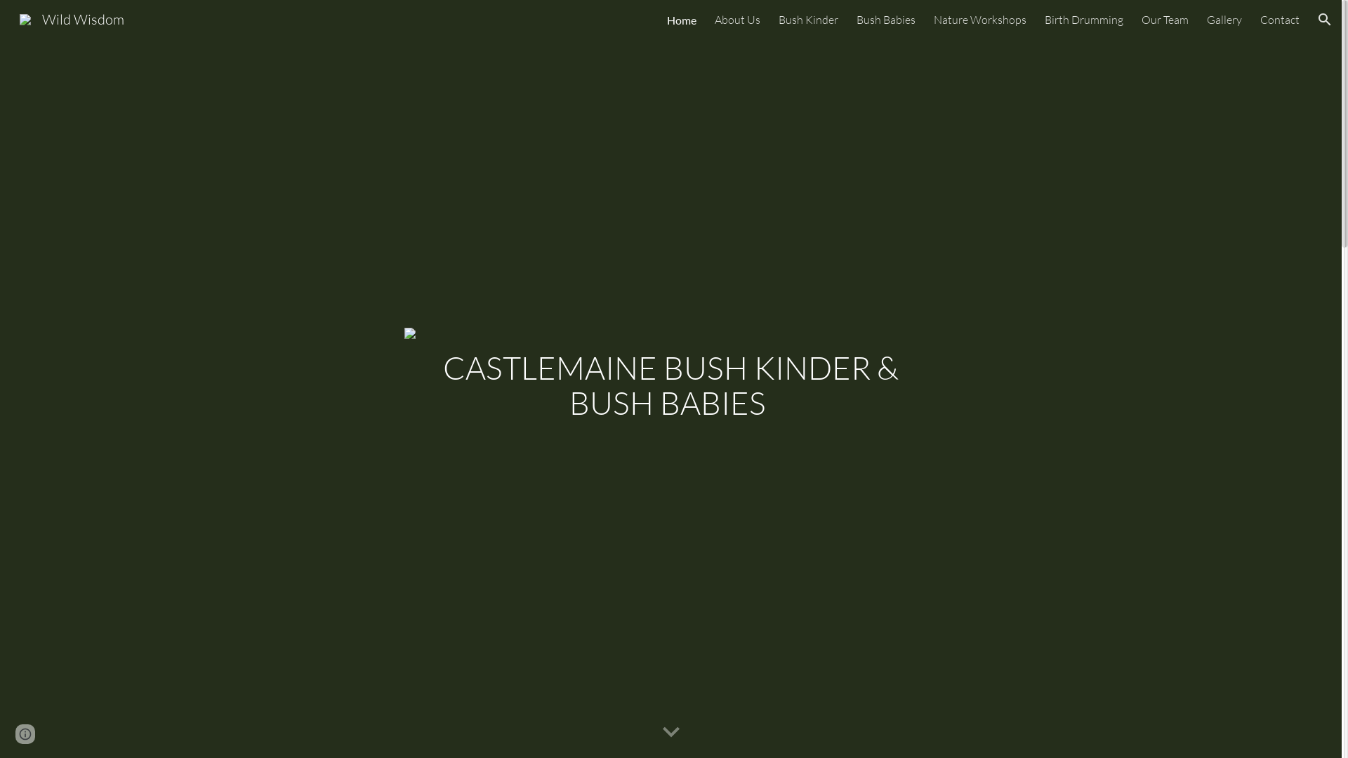 This screenshot has width=1348, height=758. I want to click on 'Birth Drumming', so click(1083, 19).